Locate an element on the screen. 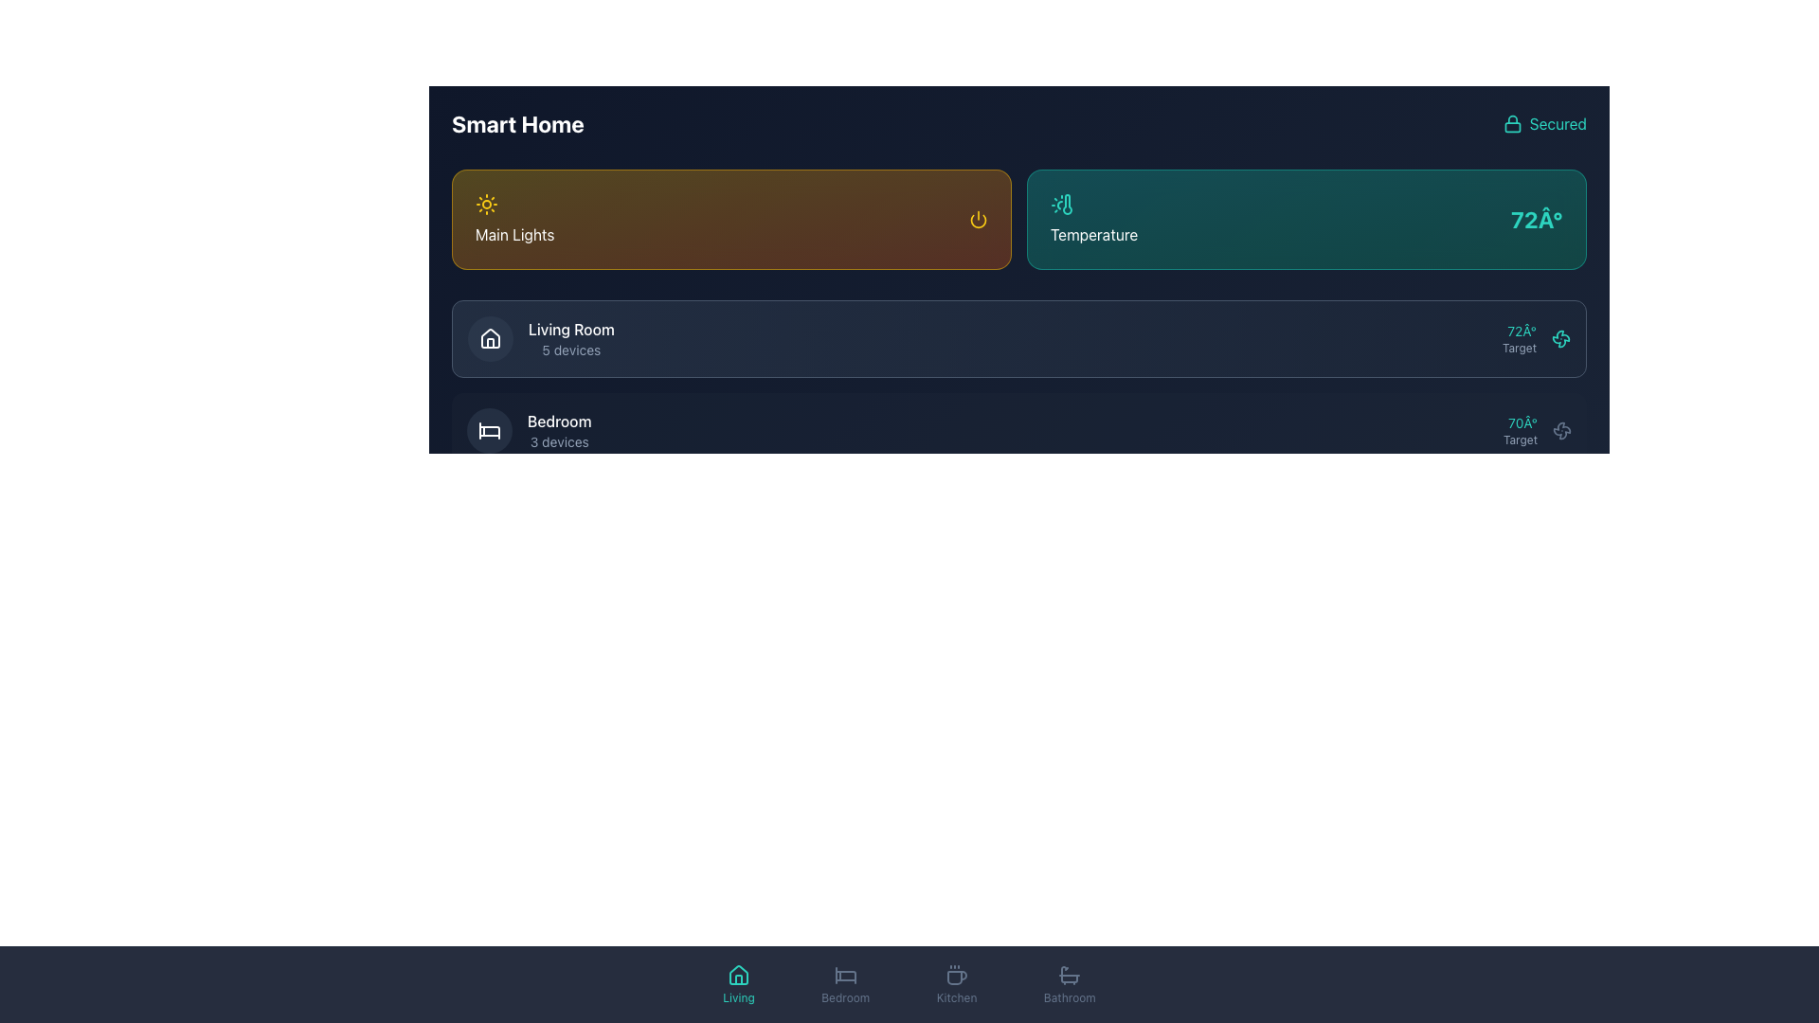 This screenshot has width=1819, height=1023. the minimalist house icon located in the 'Living Room' section, positioned above the 'Bedroom' icon and below the 'Main Lights' section is located at coordinates (491, 338).